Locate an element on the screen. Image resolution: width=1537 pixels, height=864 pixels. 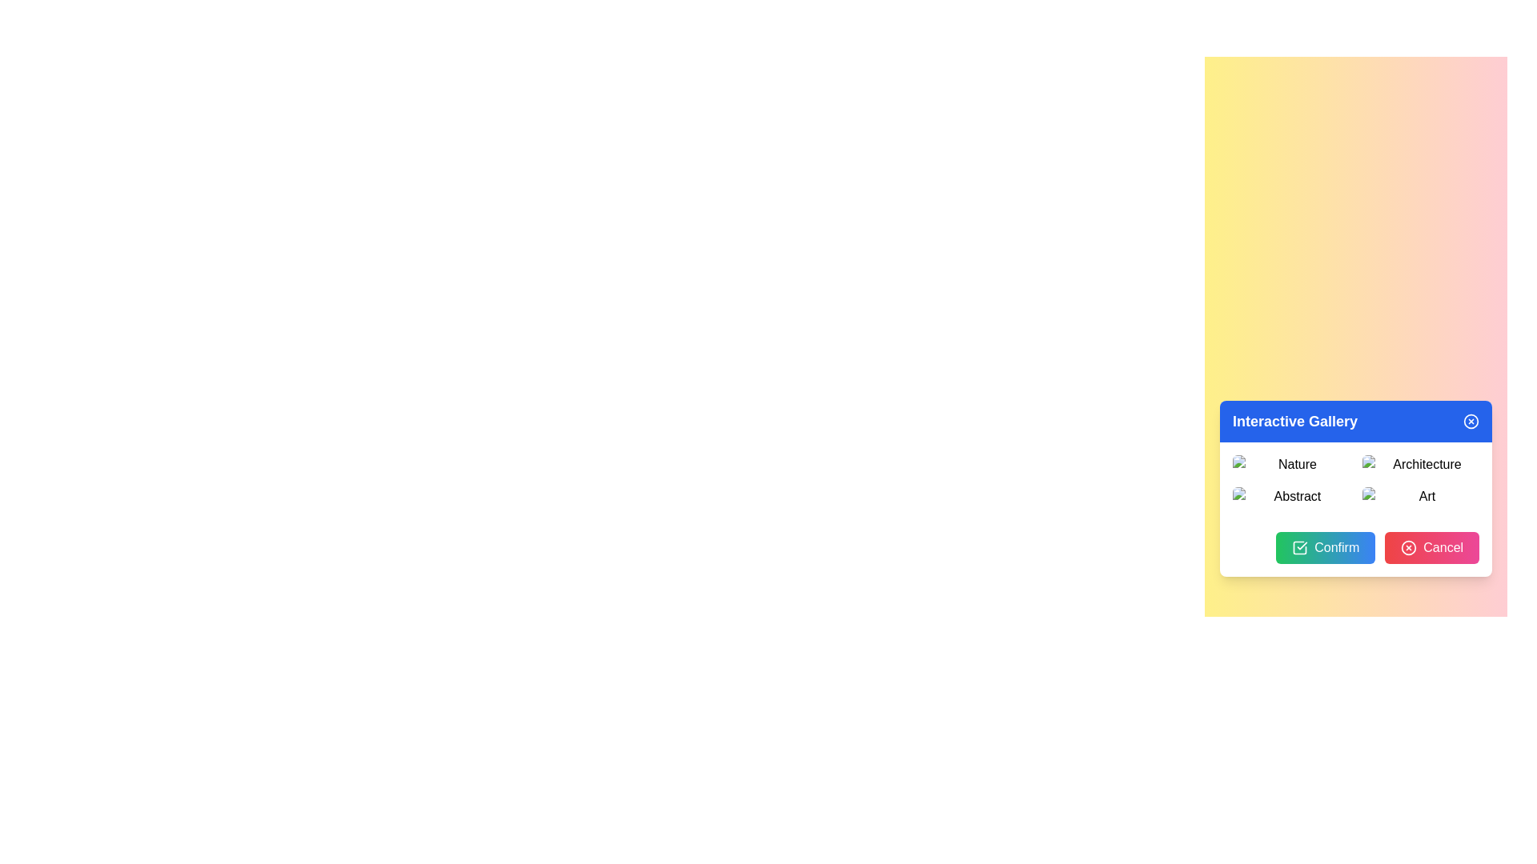
the 'Cancel' button, which has a gradient background from red to pink and features white text with an 'X' icon is located at coordinates (1432, 547).